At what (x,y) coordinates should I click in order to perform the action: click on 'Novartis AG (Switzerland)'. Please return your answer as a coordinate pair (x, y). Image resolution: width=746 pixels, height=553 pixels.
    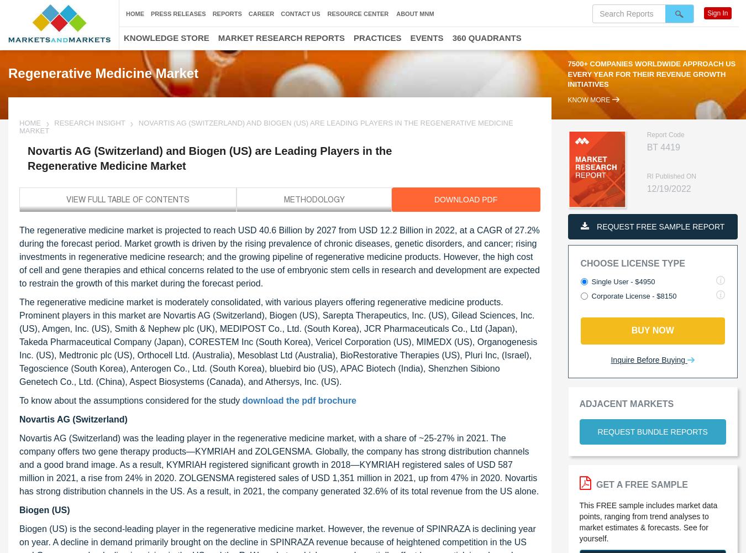
    Looking at the image, I should click on (73, 419).